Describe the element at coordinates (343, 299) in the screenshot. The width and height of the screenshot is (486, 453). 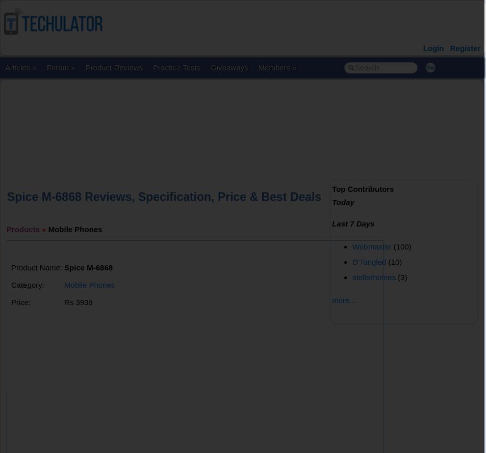
I see `'more...'` at that location.